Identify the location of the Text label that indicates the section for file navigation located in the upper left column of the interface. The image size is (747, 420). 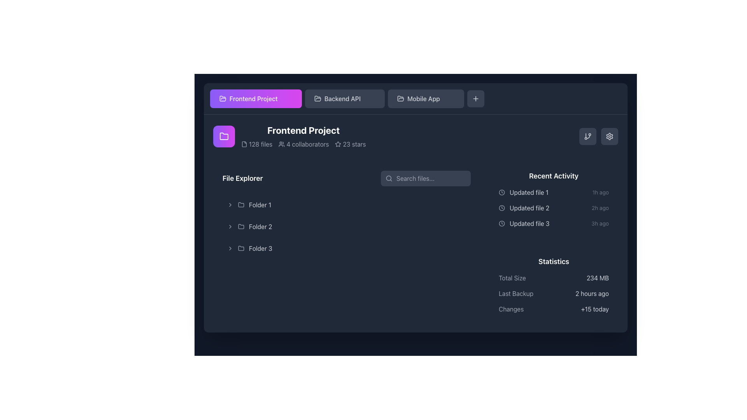
(242, 178).